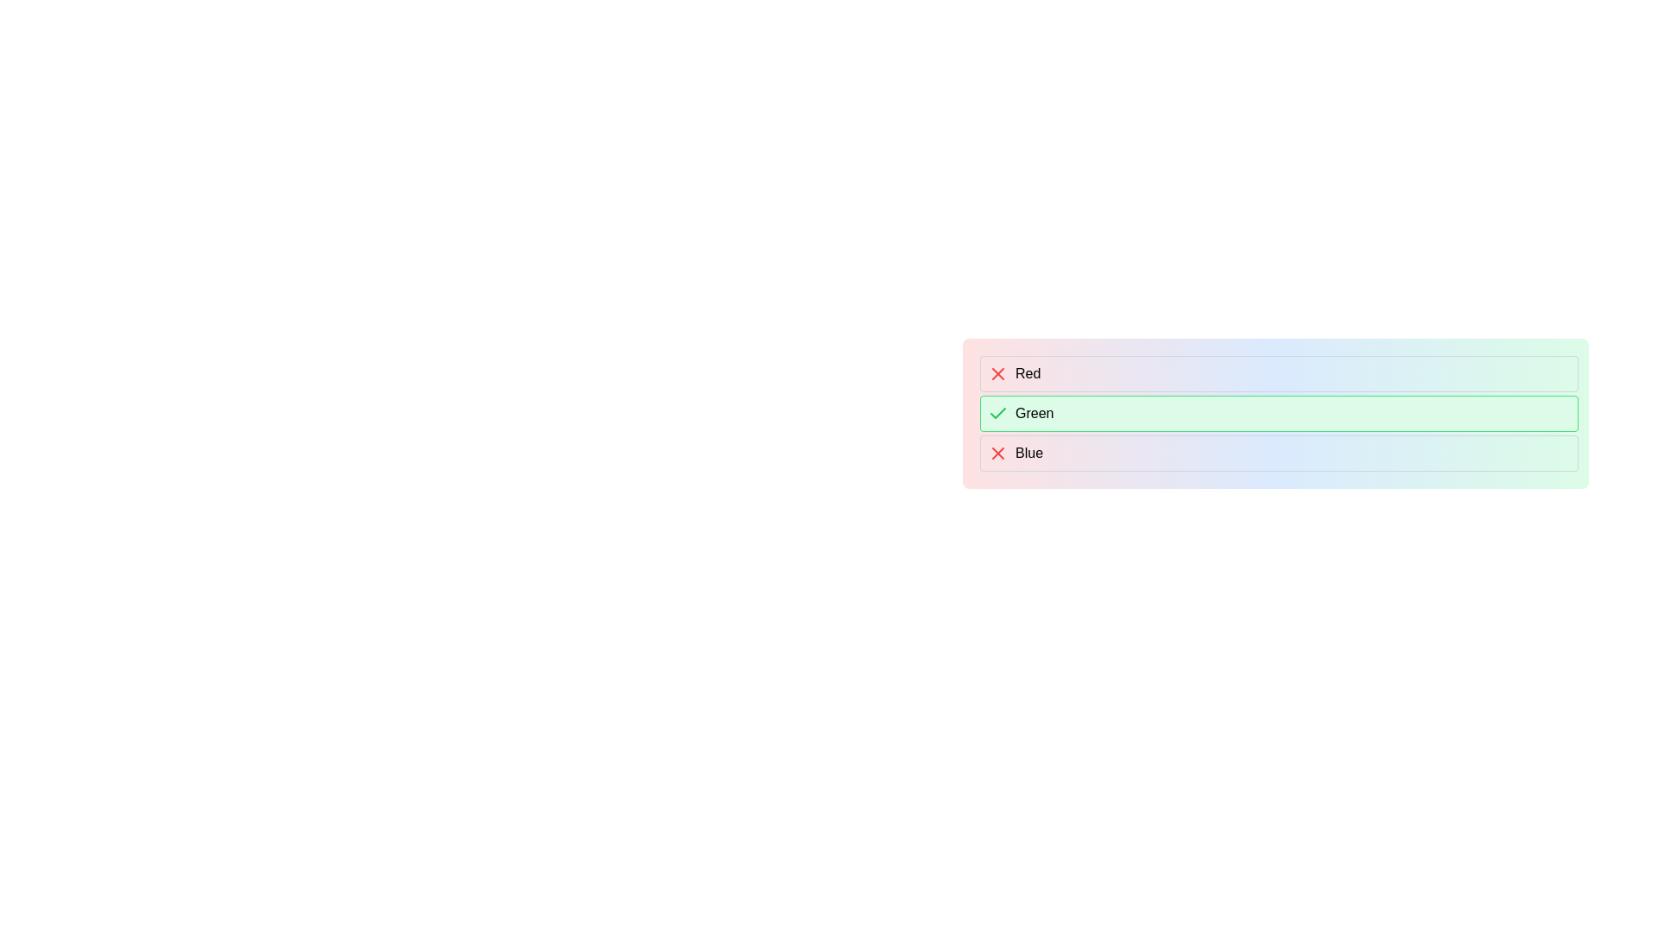 This screenshot has width=1658, height=933. What do you see at coordinates (998, 413) in the screenshot?
I see `the confirmation icon associated with the 'Green' label, which is centrally located within the green-colored background box and aligned to the left side of the box` at bounding box center [998, 413].